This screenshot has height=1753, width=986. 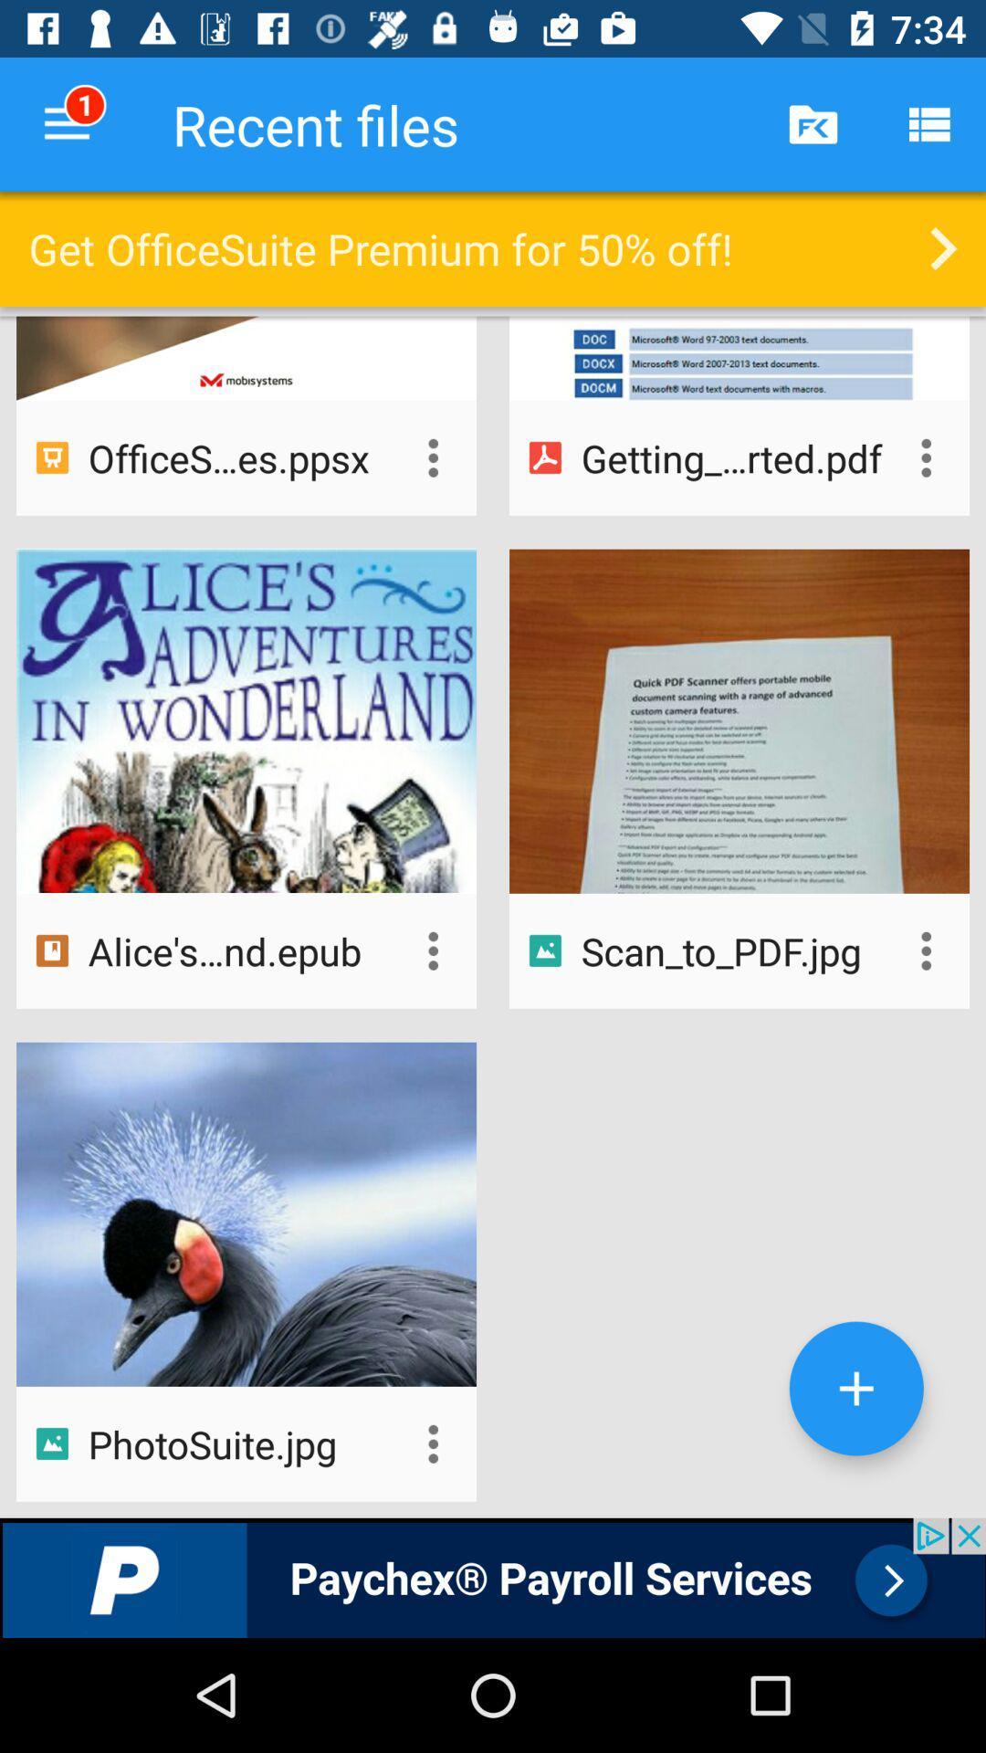 I want to click on the add icon, so click(x=856, y=1388).